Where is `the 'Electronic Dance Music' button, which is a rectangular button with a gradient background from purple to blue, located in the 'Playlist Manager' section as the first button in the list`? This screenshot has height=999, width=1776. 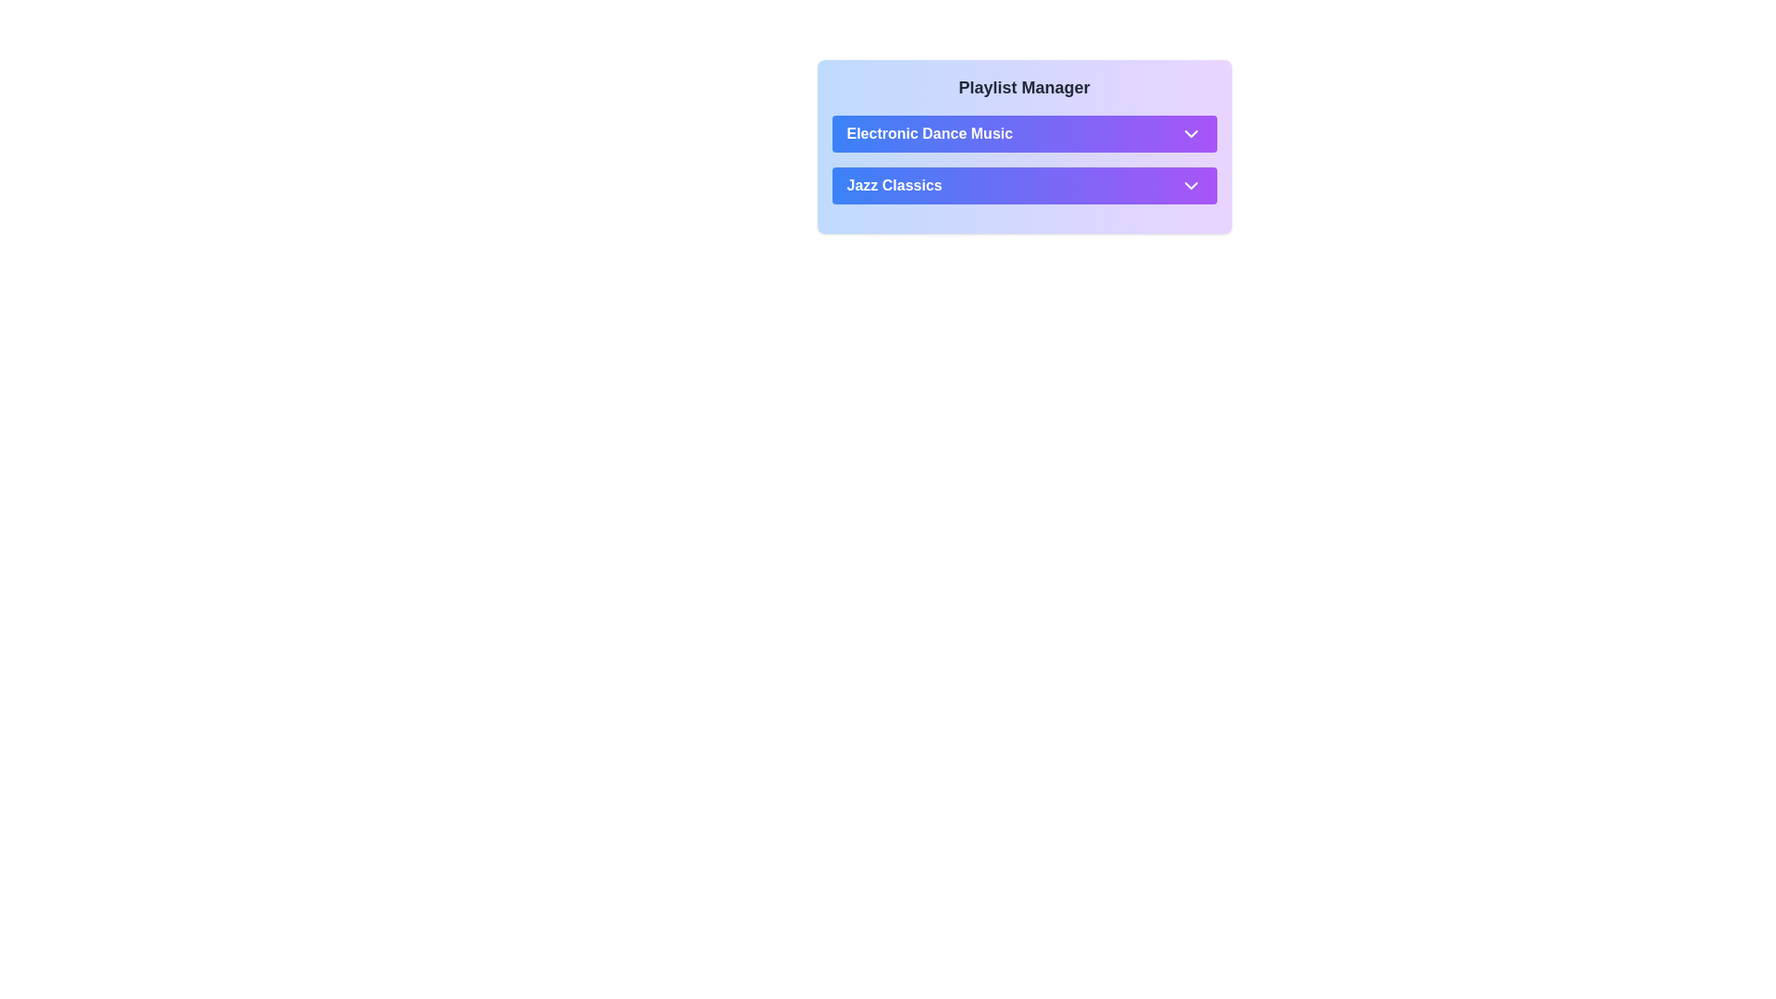
the 'Electronic Dance Music' button, which is a rectangular button with a gradient background from purple to blue, located in the 'Playlist Manager' section as the first button in the list is located at coordinates (1023, 133).